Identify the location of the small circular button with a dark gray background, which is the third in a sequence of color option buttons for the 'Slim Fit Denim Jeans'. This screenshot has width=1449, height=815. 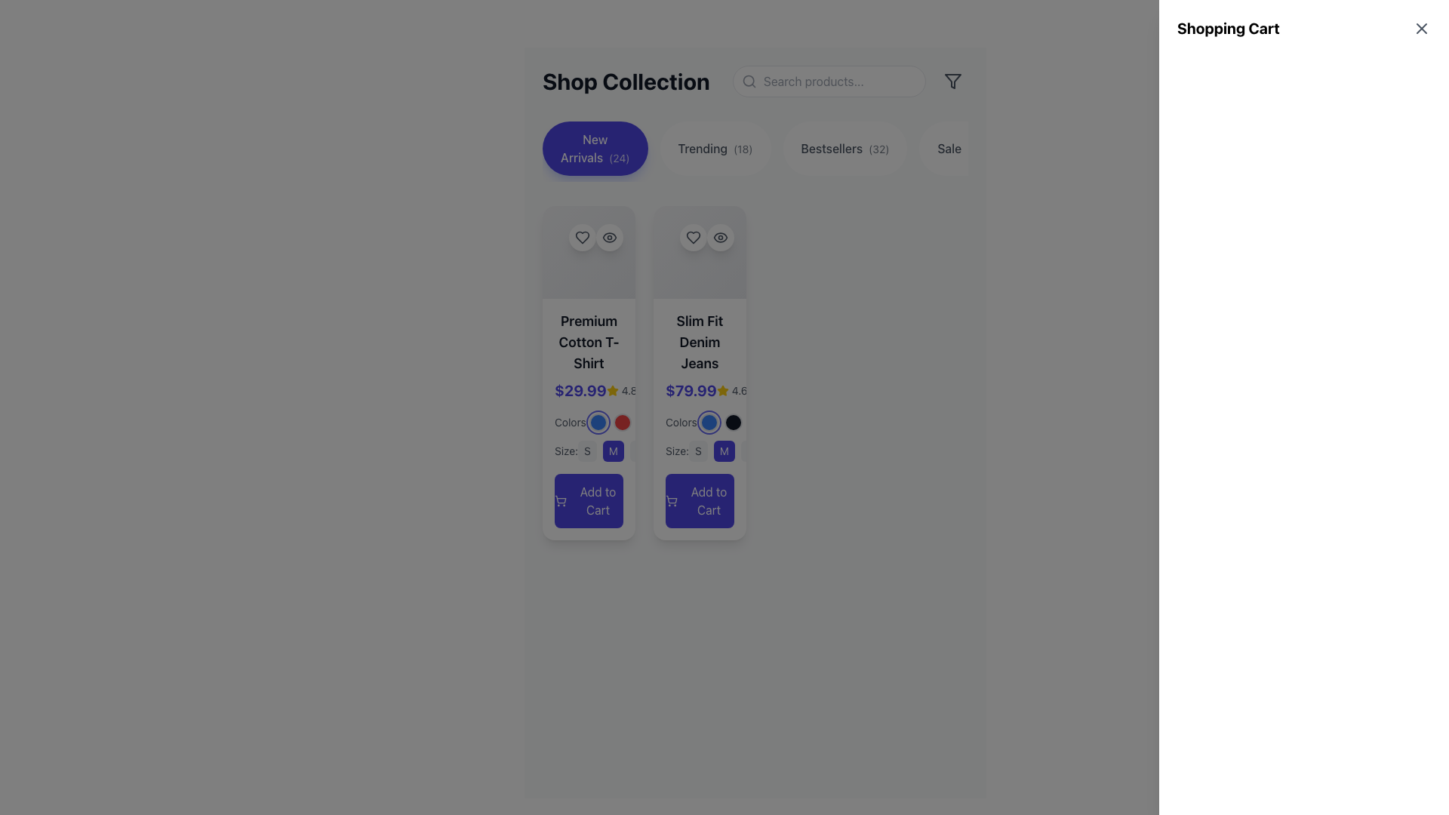
(646, 422).